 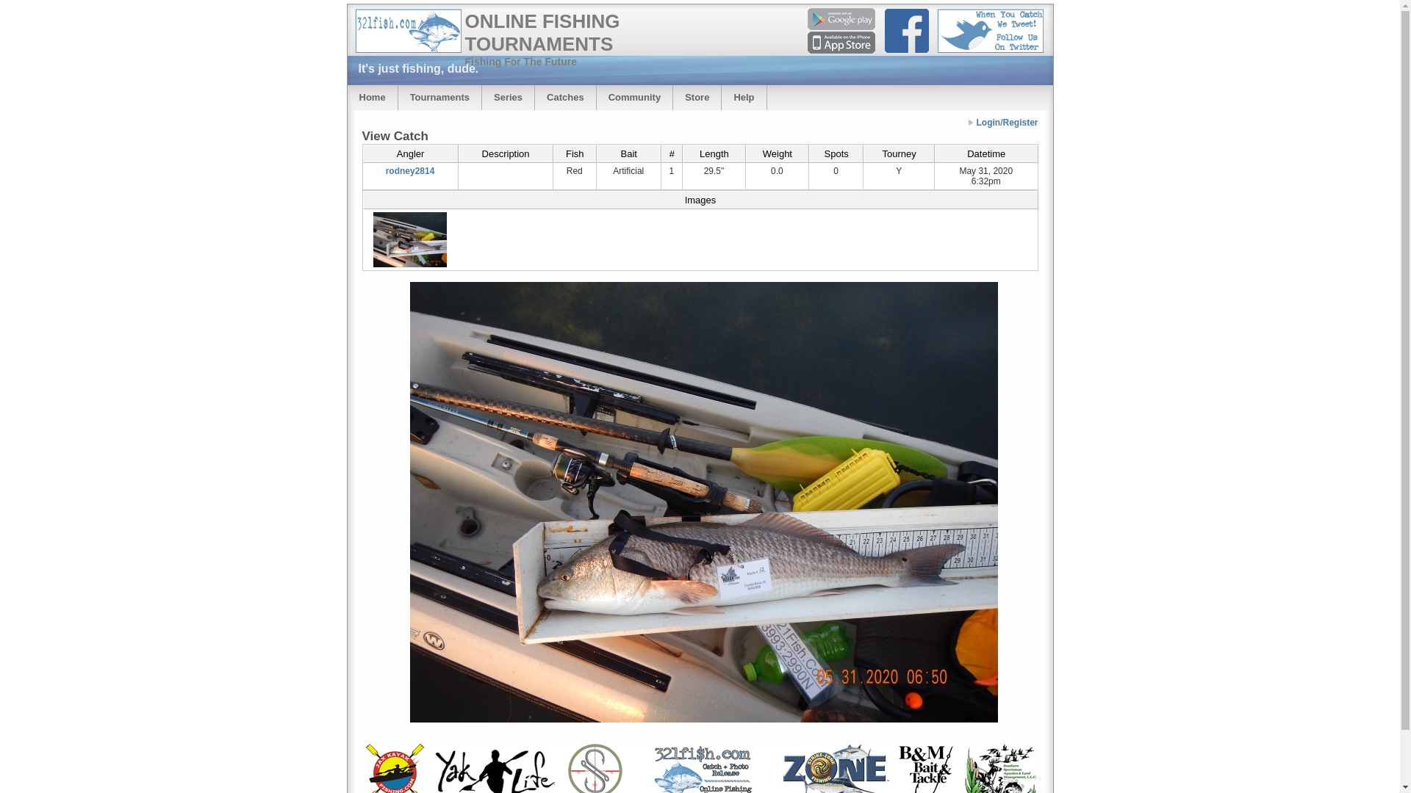 What do you see at coordinates (410, 170) in the screenshot?
I see `'rodney2814'` at bounding box center [410, 170].